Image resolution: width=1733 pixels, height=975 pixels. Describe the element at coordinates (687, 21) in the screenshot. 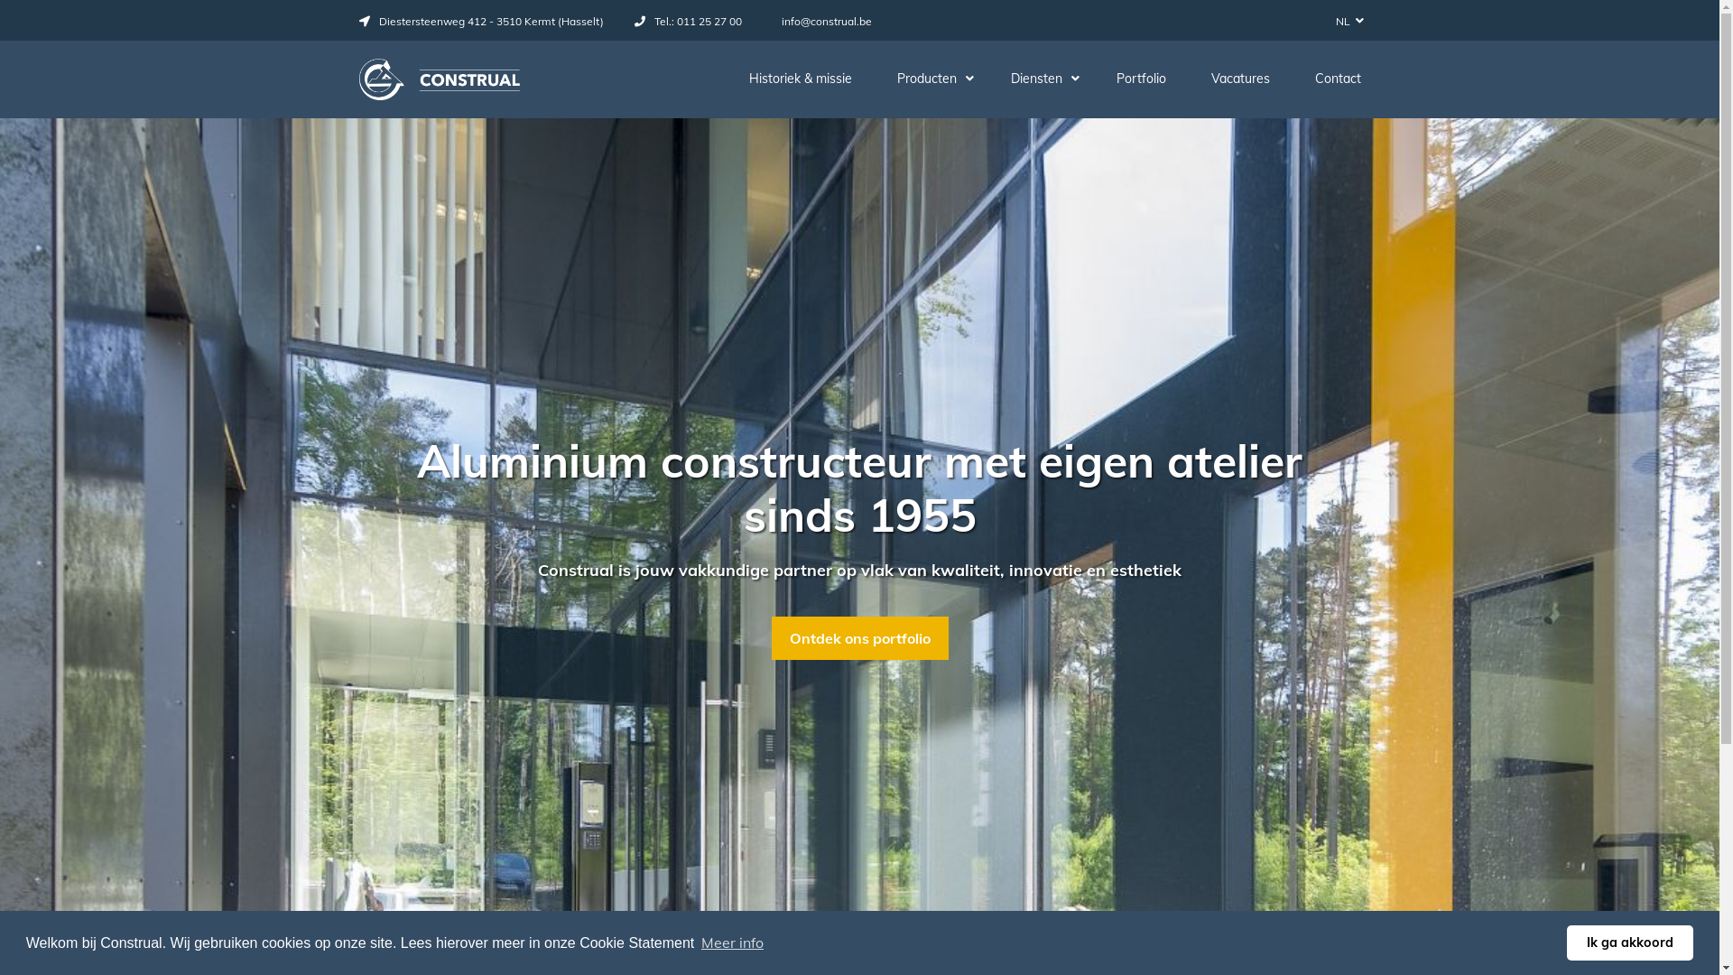

I see `'Tel.: 011 25 27 00'` at that location.